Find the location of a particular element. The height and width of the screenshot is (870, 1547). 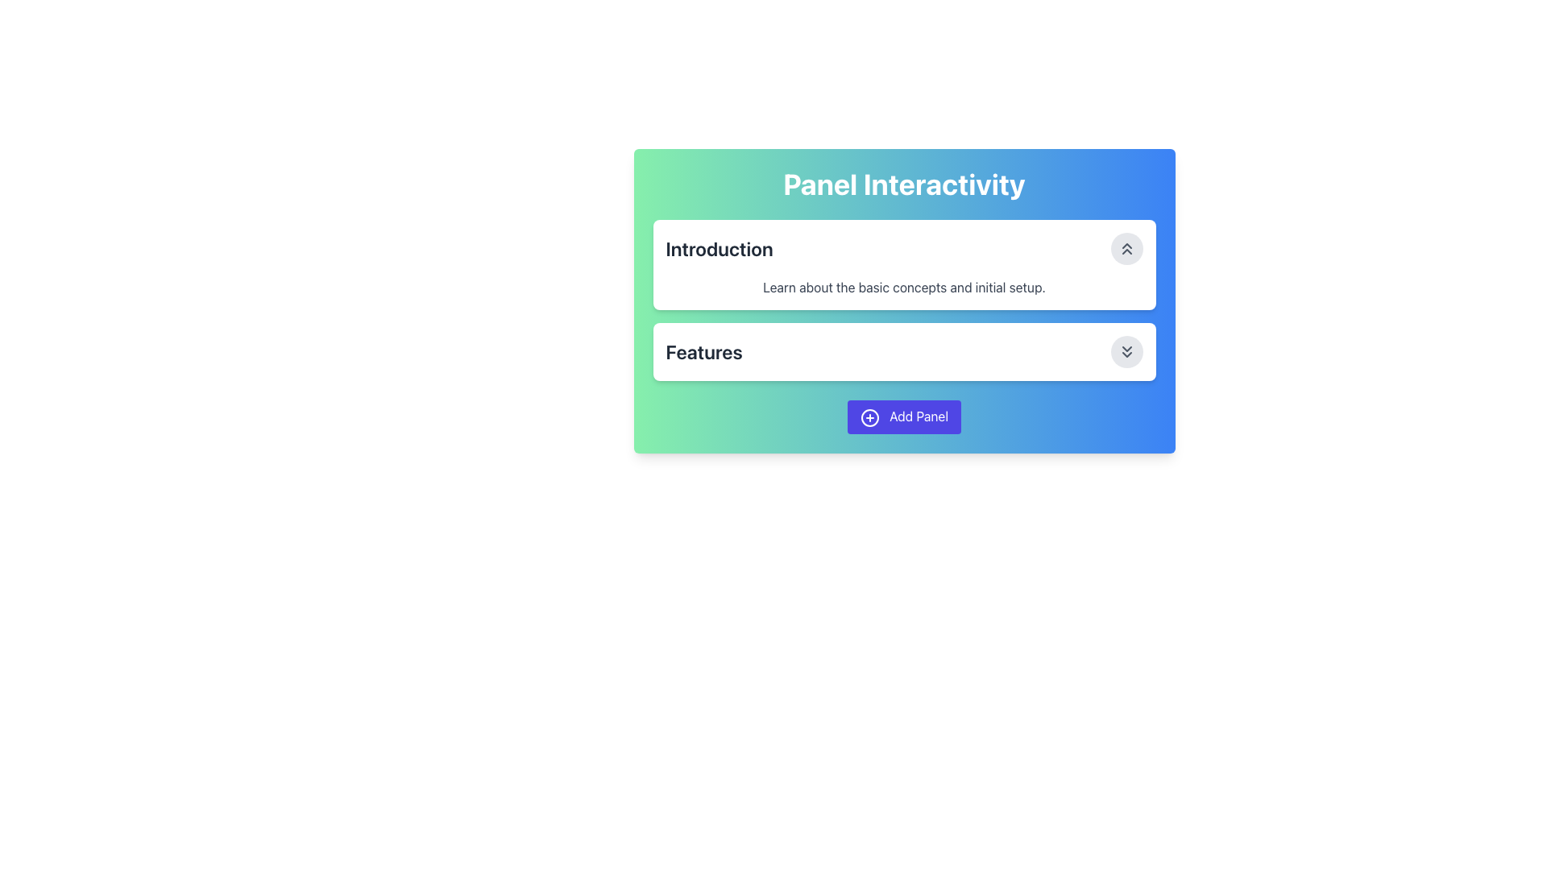

the gray SVG button featuring two upward-facing chevrons stacked vertically, located within the rounded rectangle box labeled 'Introduction' is located at coordinates (1126, 248).